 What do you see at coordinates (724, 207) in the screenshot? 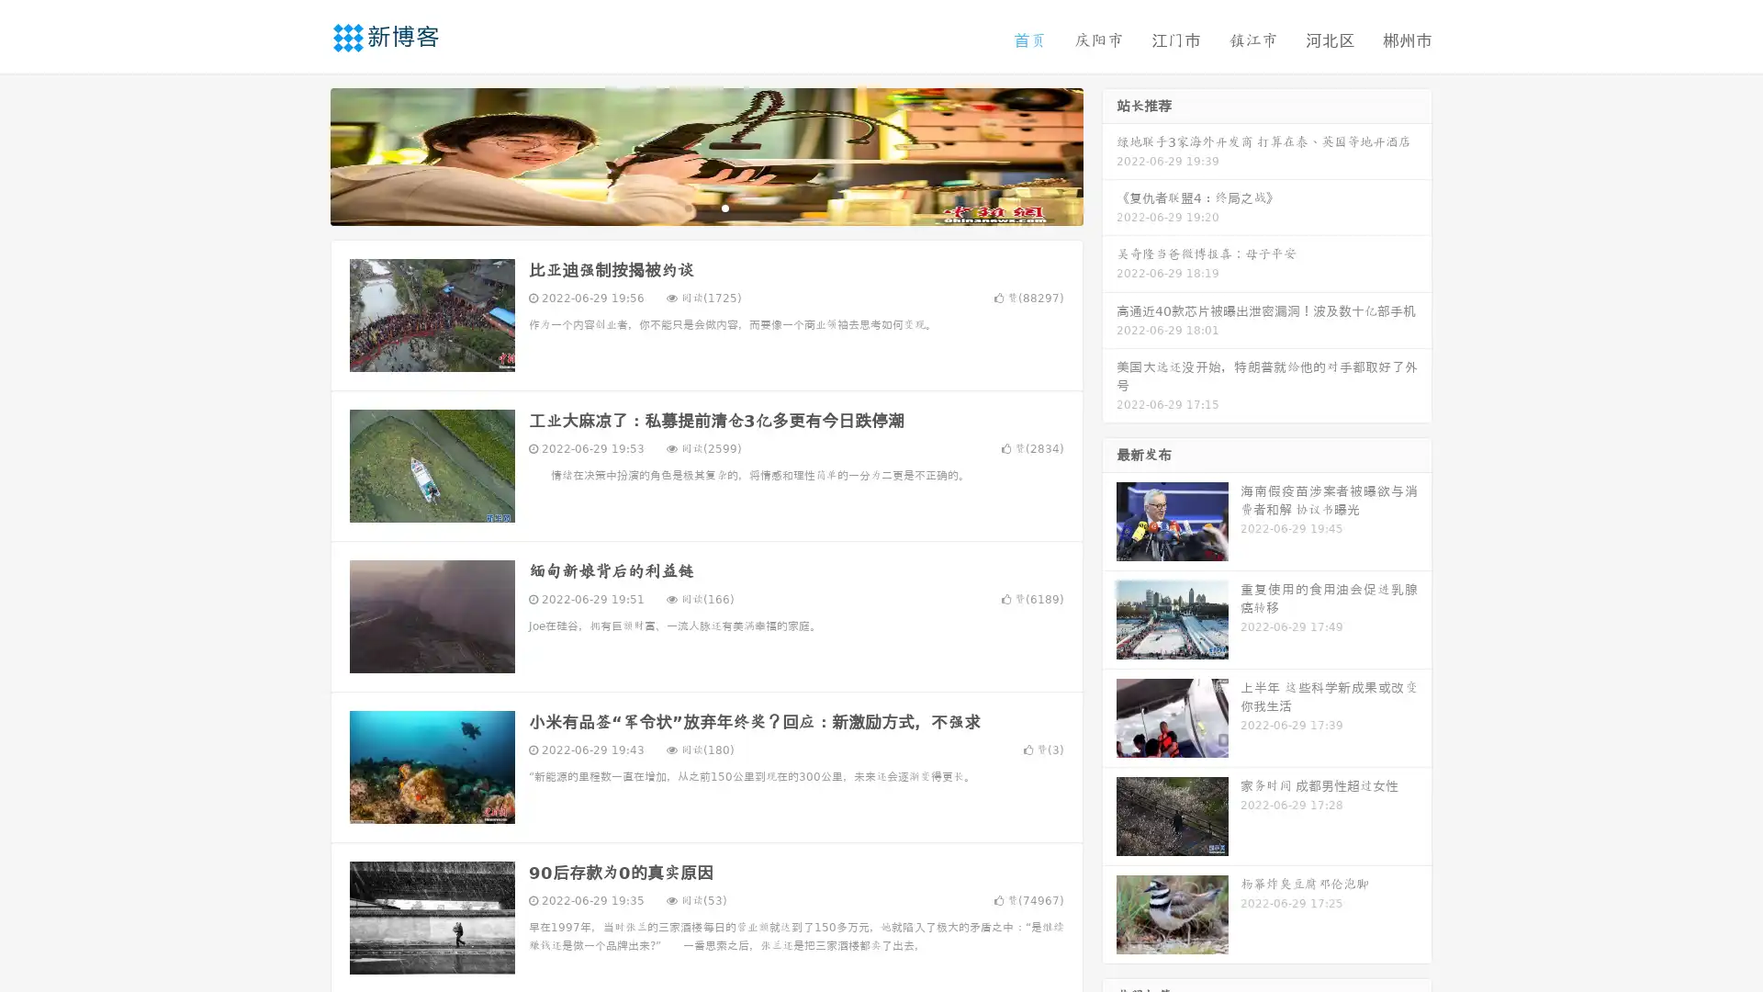
I see `Go to slide 3` at bounding box center [724, 207].